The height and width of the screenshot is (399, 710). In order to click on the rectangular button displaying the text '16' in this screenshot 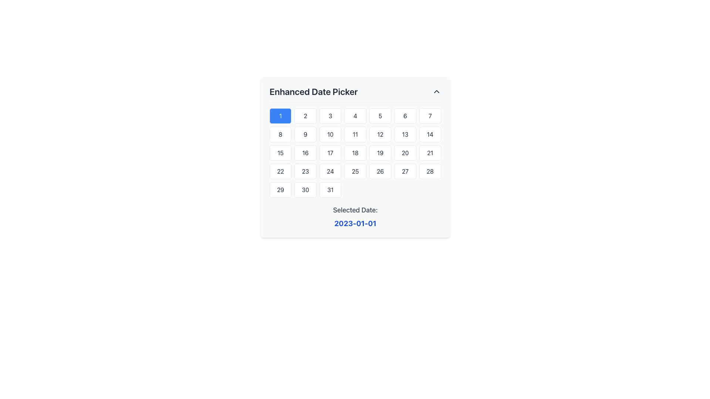, I will do `click(305, 152)`.